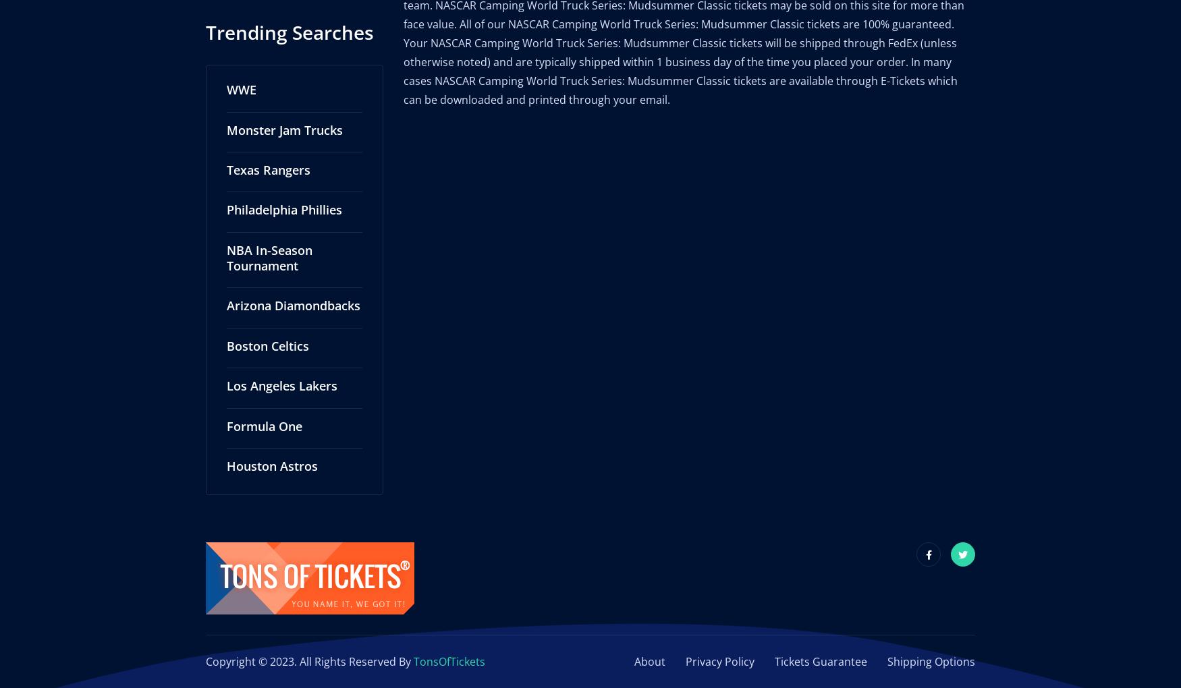  I want to click on 'About', so click(650, 646).